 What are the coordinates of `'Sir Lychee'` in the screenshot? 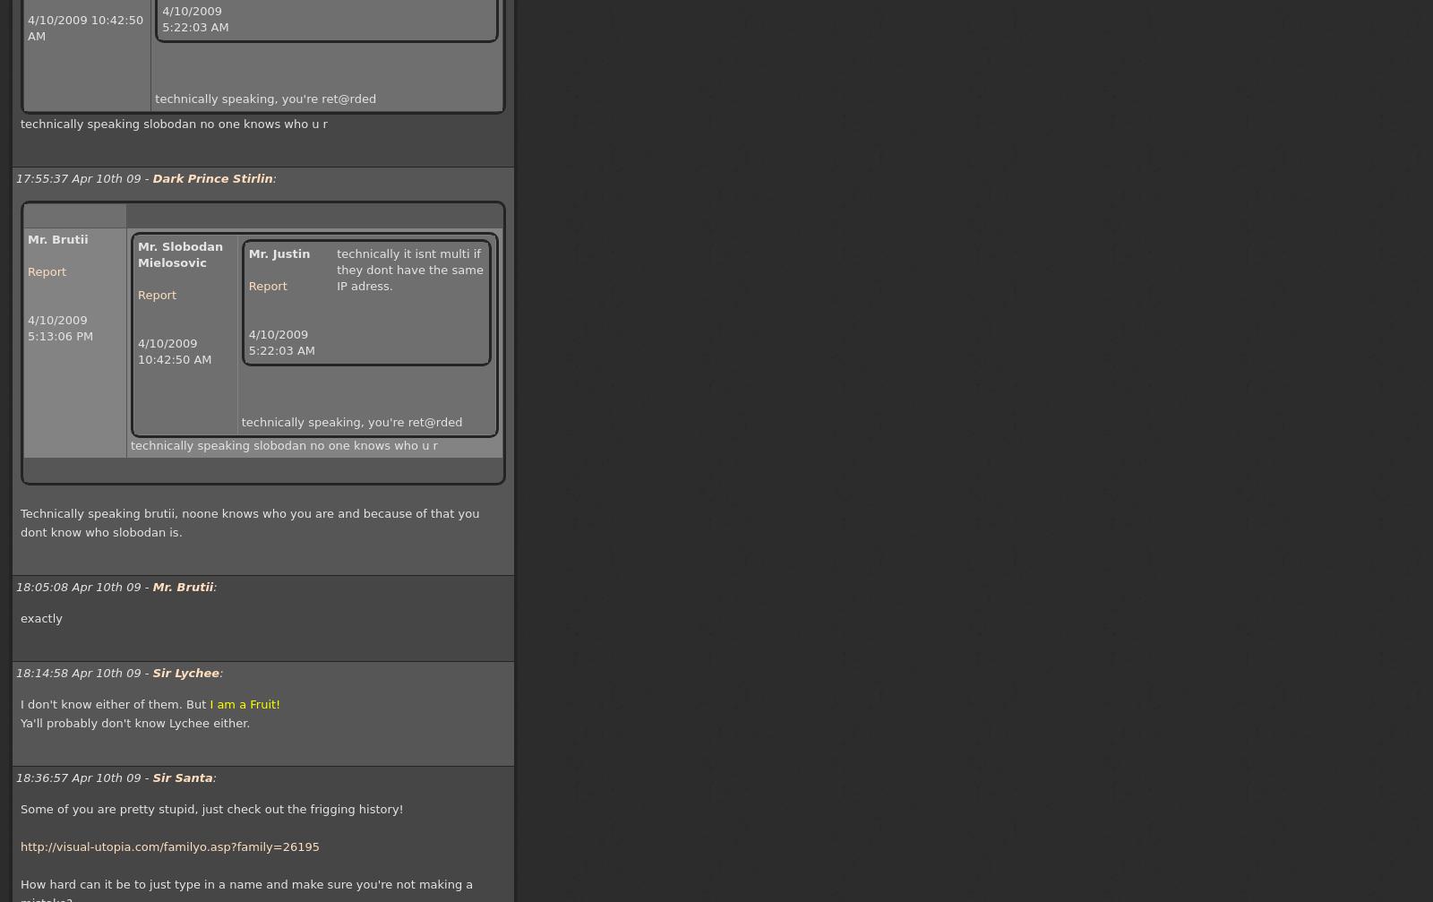 It's located at (185, 672).